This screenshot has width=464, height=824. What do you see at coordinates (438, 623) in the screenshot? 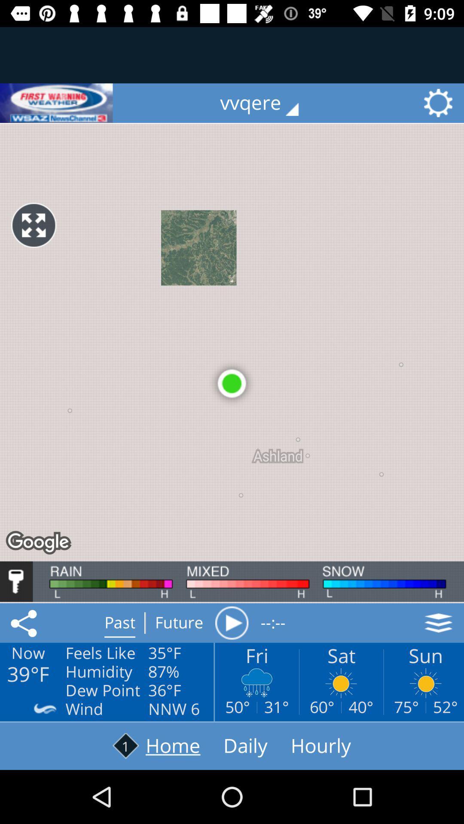
I see `the layers icon` at bounding box center [438, 623].